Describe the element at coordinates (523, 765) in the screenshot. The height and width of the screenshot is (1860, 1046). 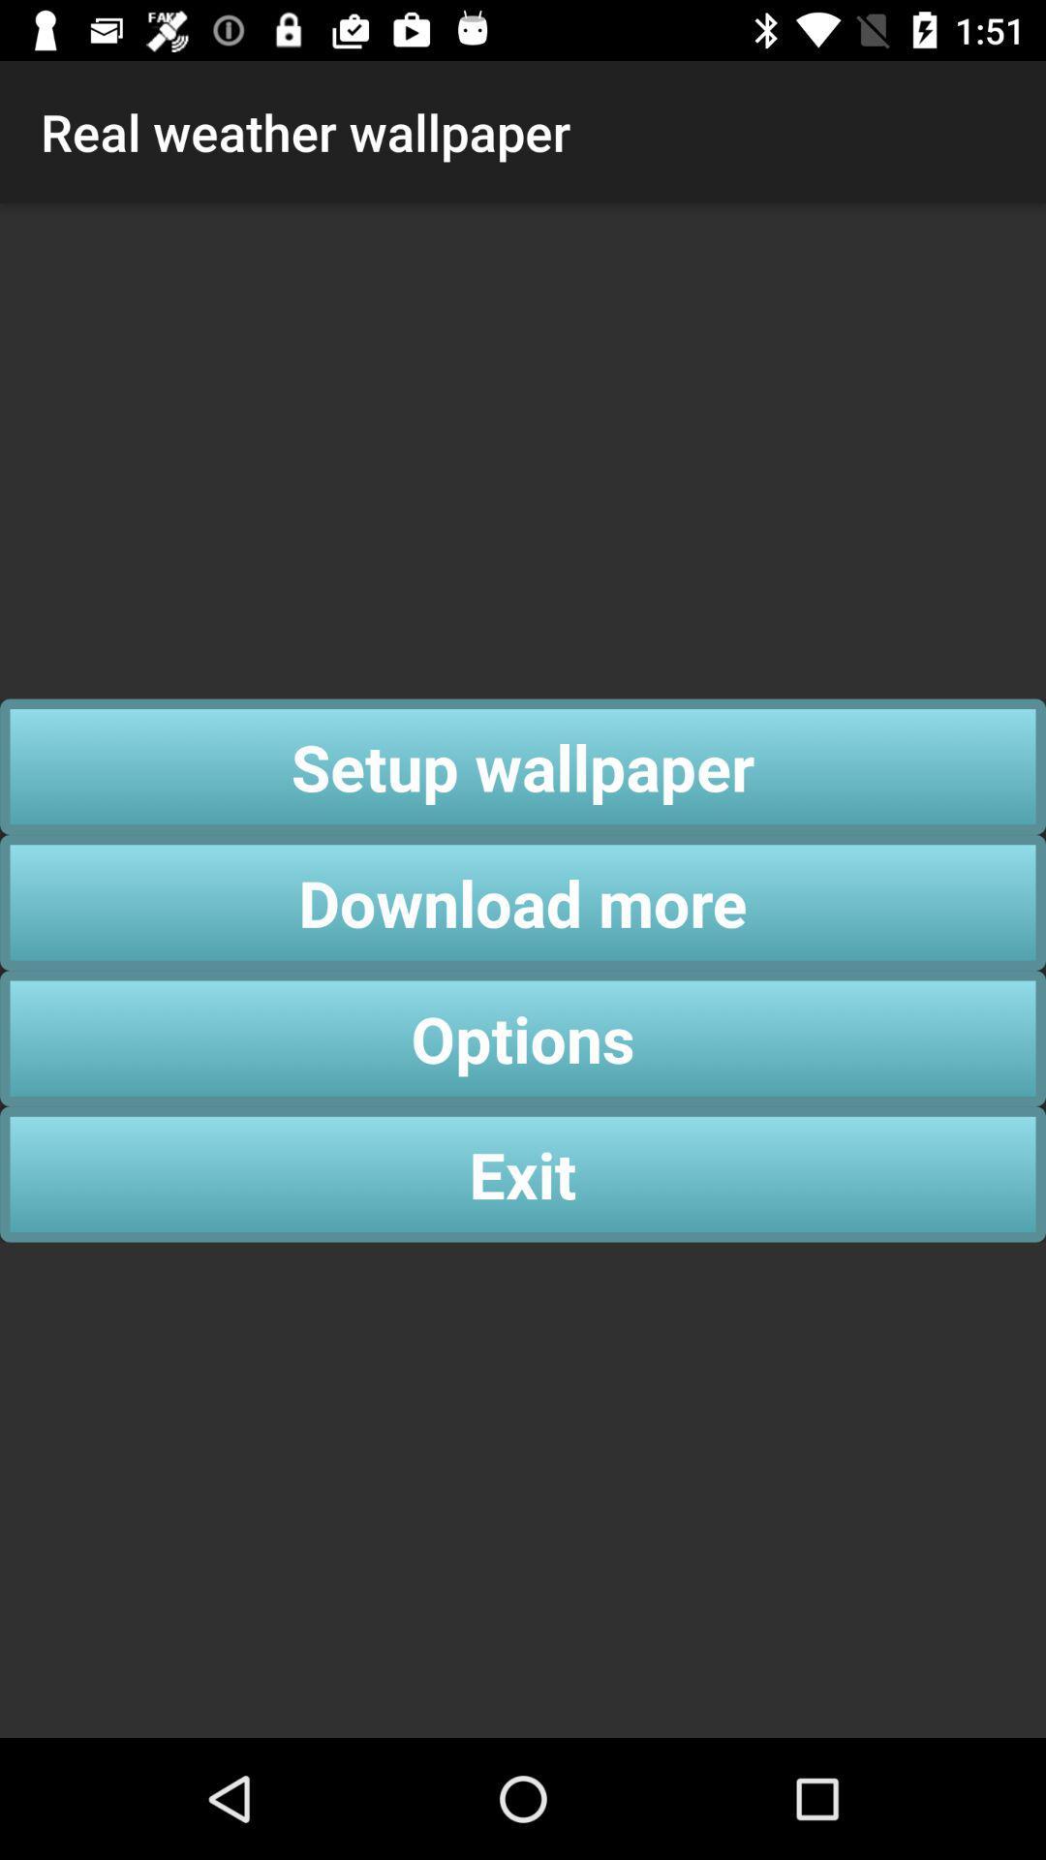
I see `button above the download more button` at that location.